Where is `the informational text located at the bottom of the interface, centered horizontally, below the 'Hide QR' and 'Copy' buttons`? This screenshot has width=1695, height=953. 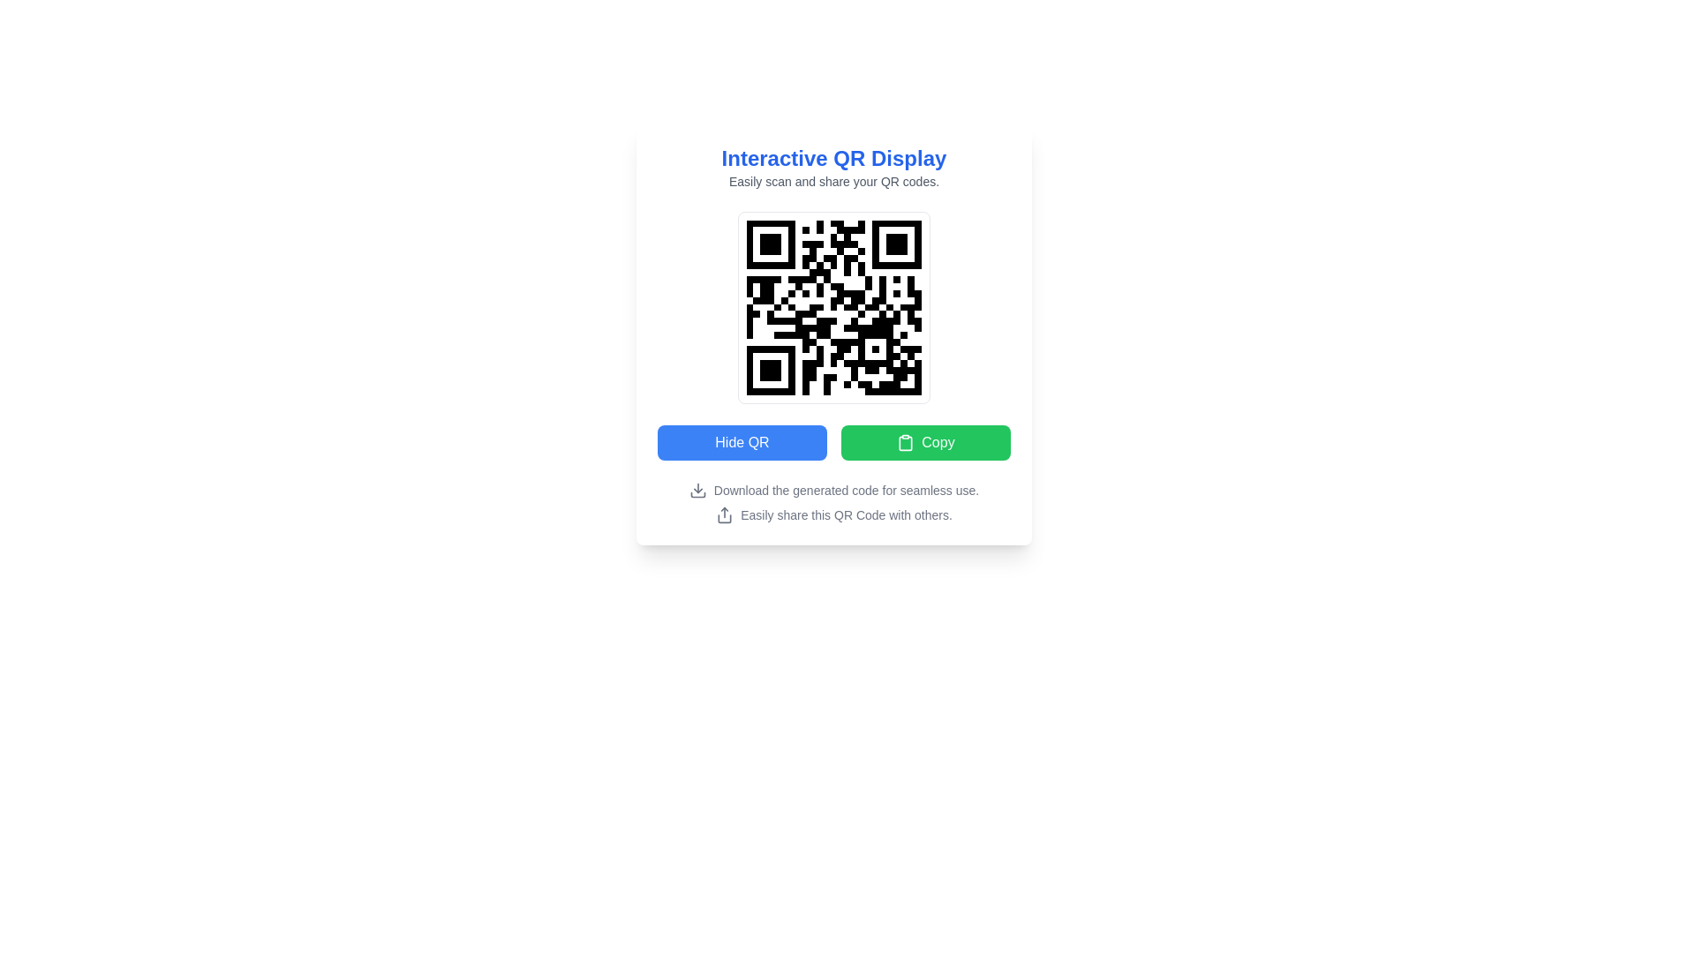 the informational text located at the bottom of the interface, centered horizontally, below the 'Hide QR' and 'Copy' buttons is located at coordinates (833, 503).